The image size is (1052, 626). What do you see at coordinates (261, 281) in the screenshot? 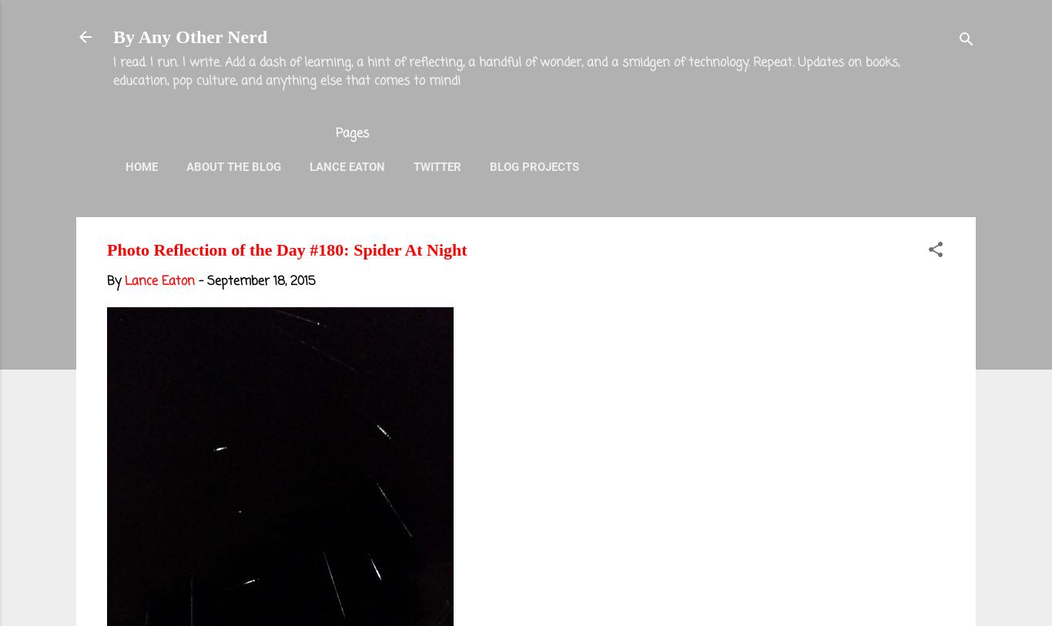
I see `'September 18, 2015'` at bounding box center [261, 281].